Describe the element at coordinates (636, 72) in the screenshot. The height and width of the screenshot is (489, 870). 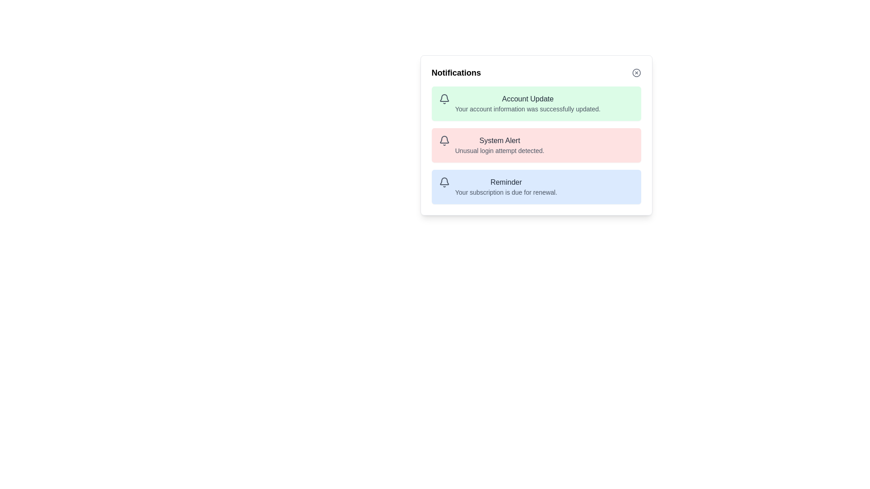
I see `the SVG Circle element that represents the 'Close' or 'Dismiss' button in the notification card` at that location.